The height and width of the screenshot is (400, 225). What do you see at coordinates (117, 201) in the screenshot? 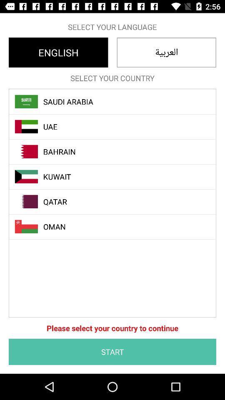
I see `qatar icon` at bounding box center [117, 201].